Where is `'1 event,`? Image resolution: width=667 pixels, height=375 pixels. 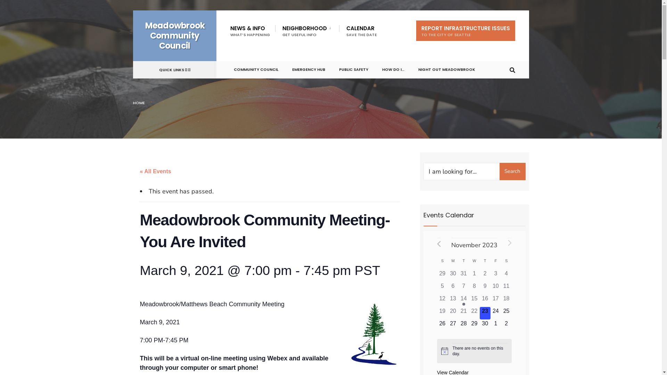 '1 event, is located at coordinates (463, 300).